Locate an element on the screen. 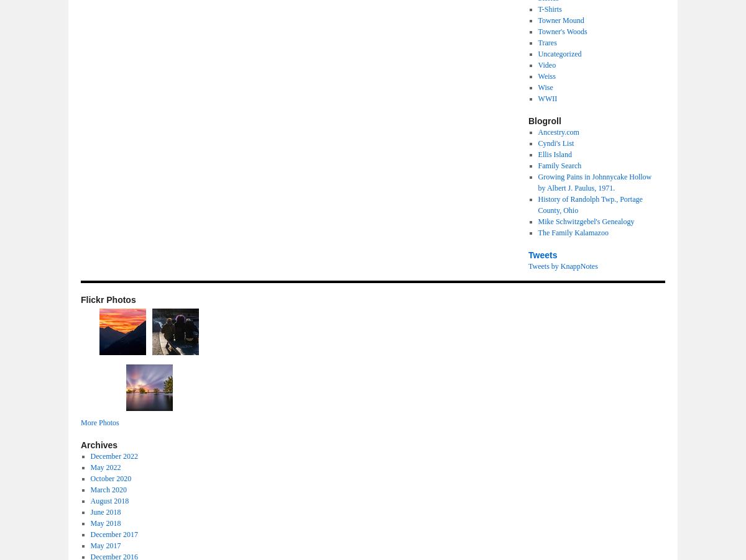 This screenshot has width=746, height=560. 'More Photos' is located at coordinates (80, 423).